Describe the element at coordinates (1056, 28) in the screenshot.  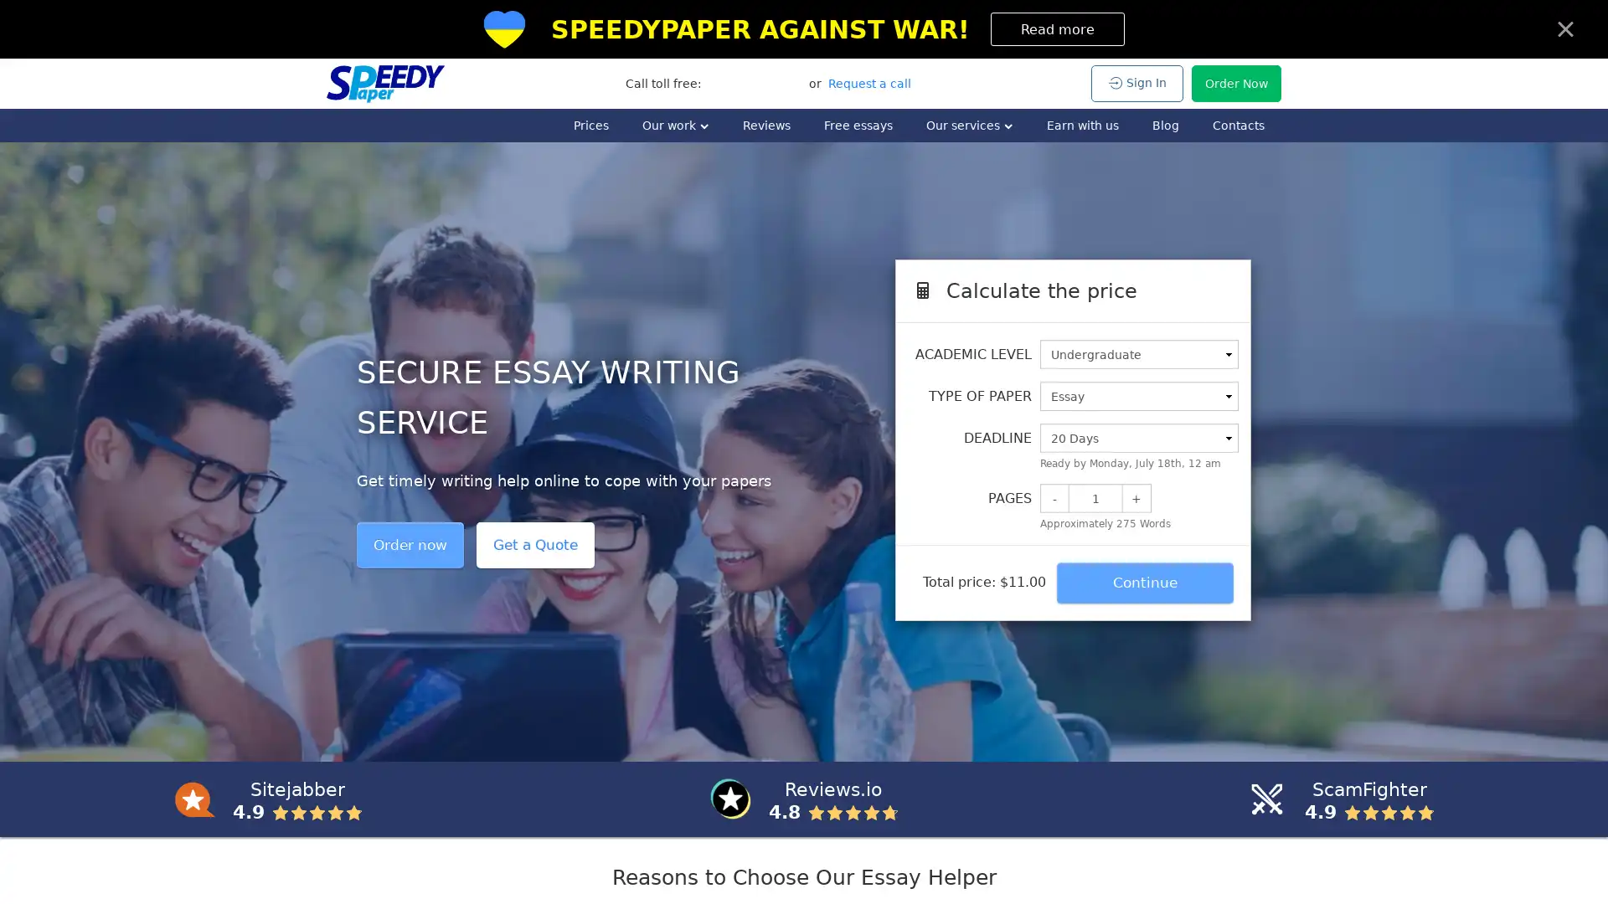
I see `Read more` at that location.